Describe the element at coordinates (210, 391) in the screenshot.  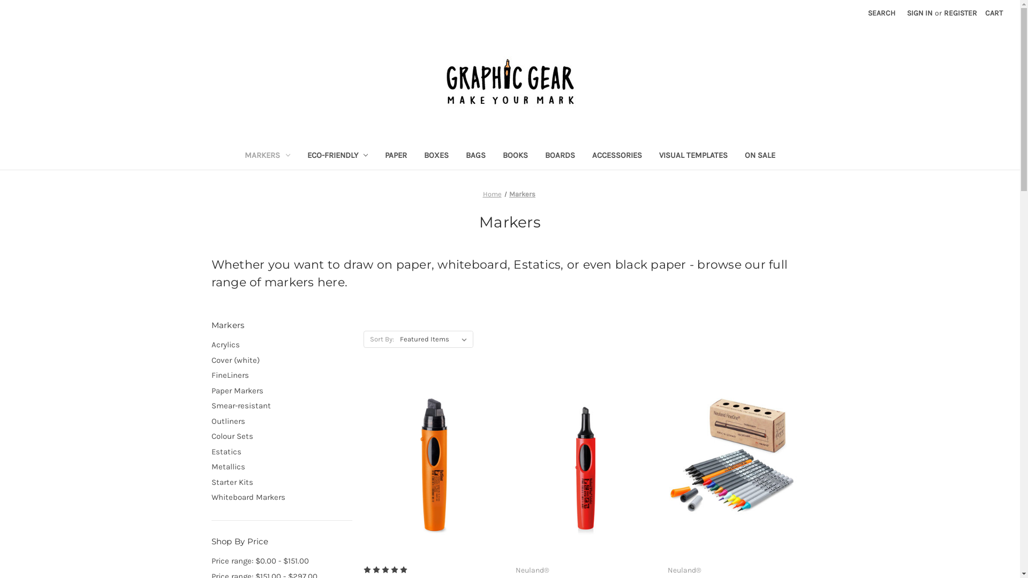
I see `'Paper Markers'` at that location.